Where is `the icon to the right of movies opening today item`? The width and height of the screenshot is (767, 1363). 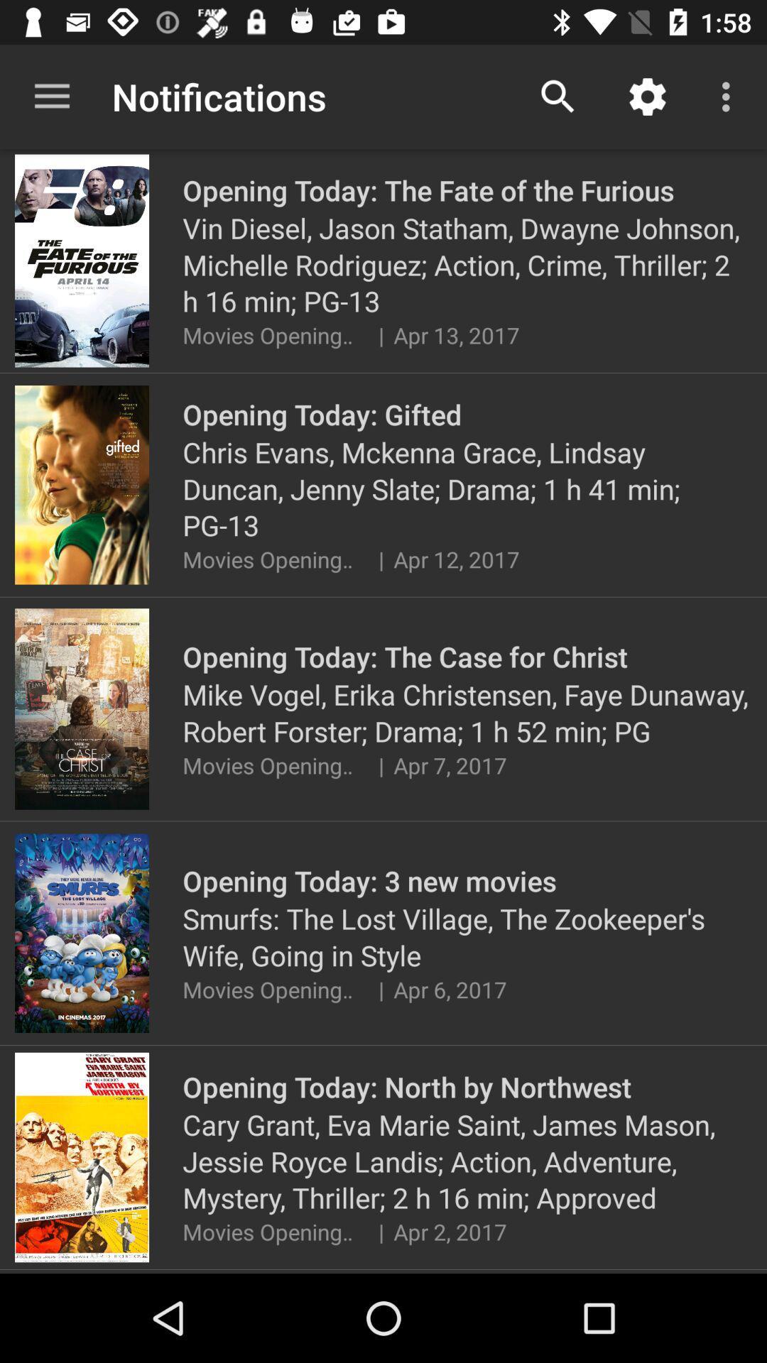 the icon to the right of movies opening today item is located at coordinates (380, 1231).